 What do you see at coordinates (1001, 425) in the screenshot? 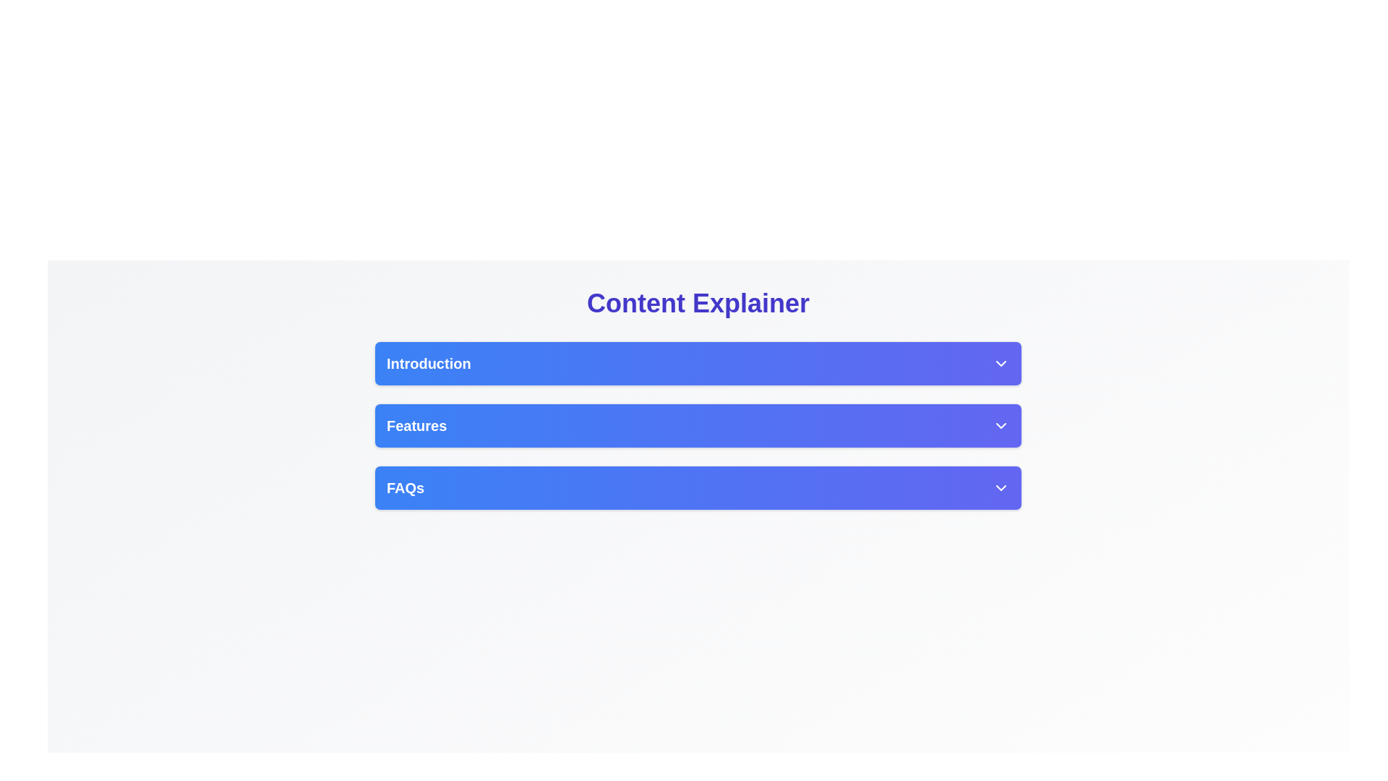
I see `the downwards chevron icon located on the rightmost edge of the 'Features' button` at bounding box center [1001, 425].